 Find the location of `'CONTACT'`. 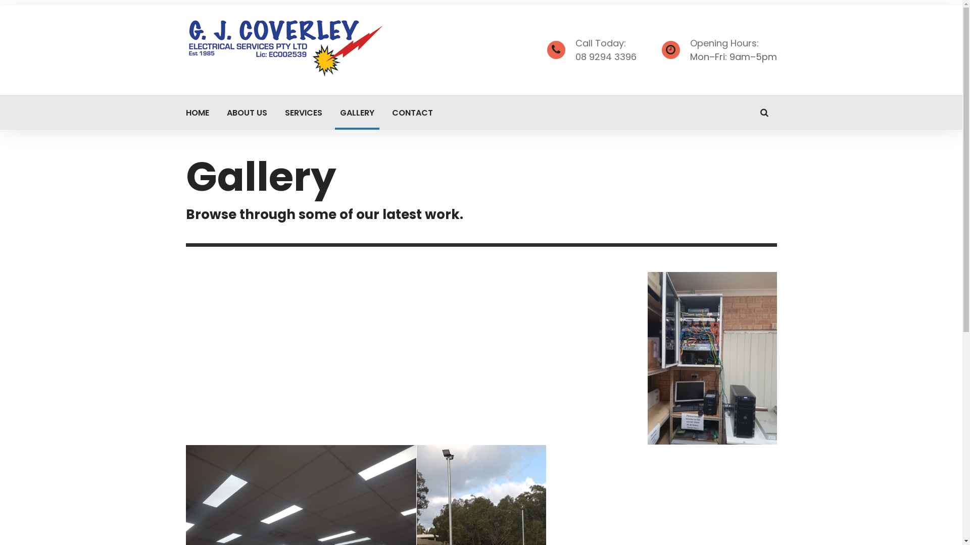

'CONTACT' is located at coordinates (386, 112).